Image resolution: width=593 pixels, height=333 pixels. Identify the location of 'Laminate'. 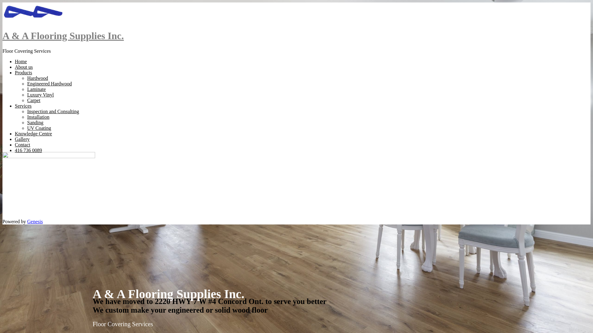
(36, 89).